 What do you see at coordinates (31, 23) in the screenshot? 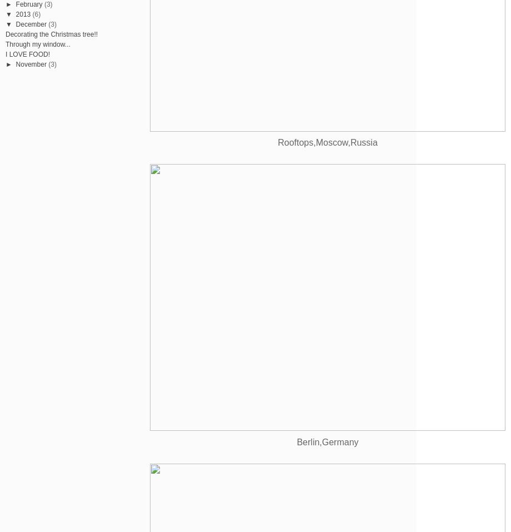
I see `'December'` at bounding box center [31, 23].